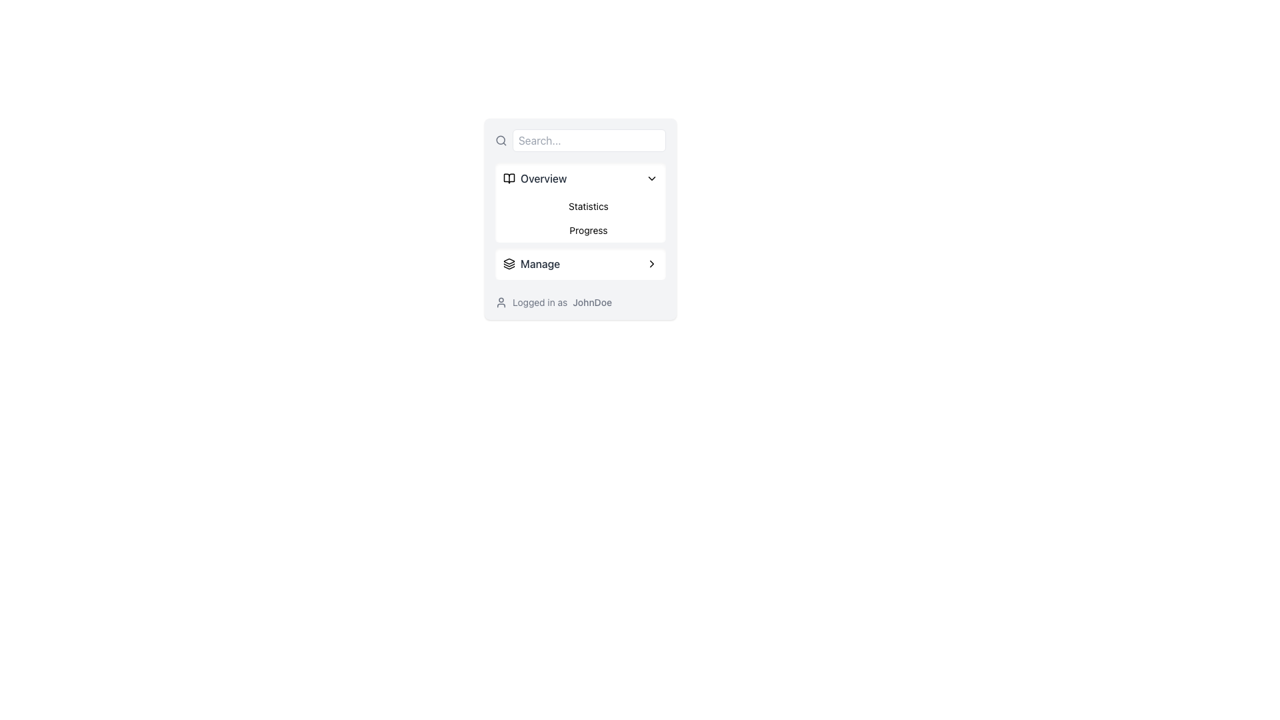 The height and width of the screenshot is (720, 1280). Describe the element at coordinates (580, 303) in the screenshot. I see `the Text label displaying the username 'JohnDoe' located at the bottom of the sidebar beneath the 'Manage' section` at that location.